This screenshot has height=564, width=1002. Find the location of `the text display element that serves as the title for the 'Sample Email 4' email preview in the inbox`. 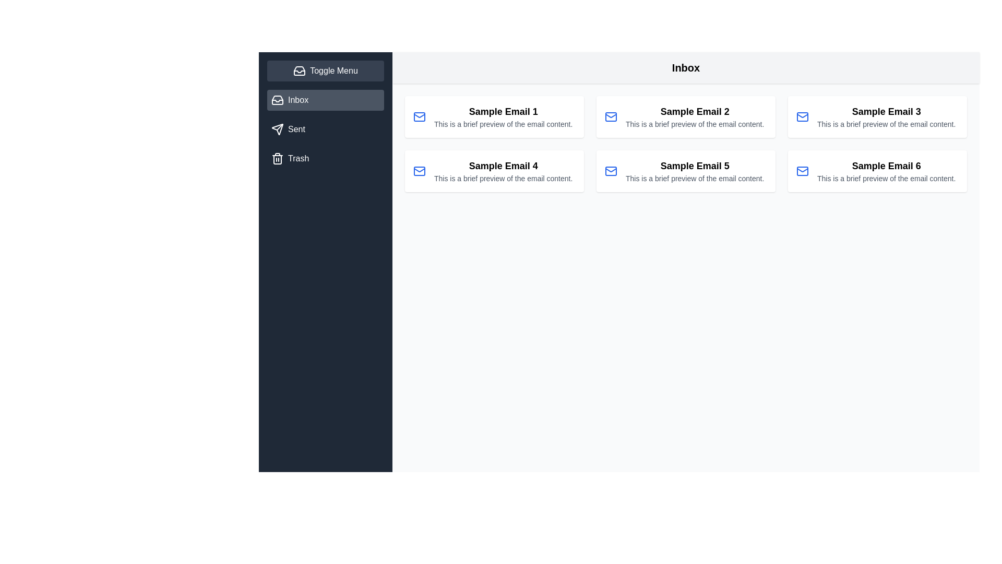

the text display element that serves as the title for the 'Sample Email 4' email preview in the inbox is located at coordinates (503, 165).